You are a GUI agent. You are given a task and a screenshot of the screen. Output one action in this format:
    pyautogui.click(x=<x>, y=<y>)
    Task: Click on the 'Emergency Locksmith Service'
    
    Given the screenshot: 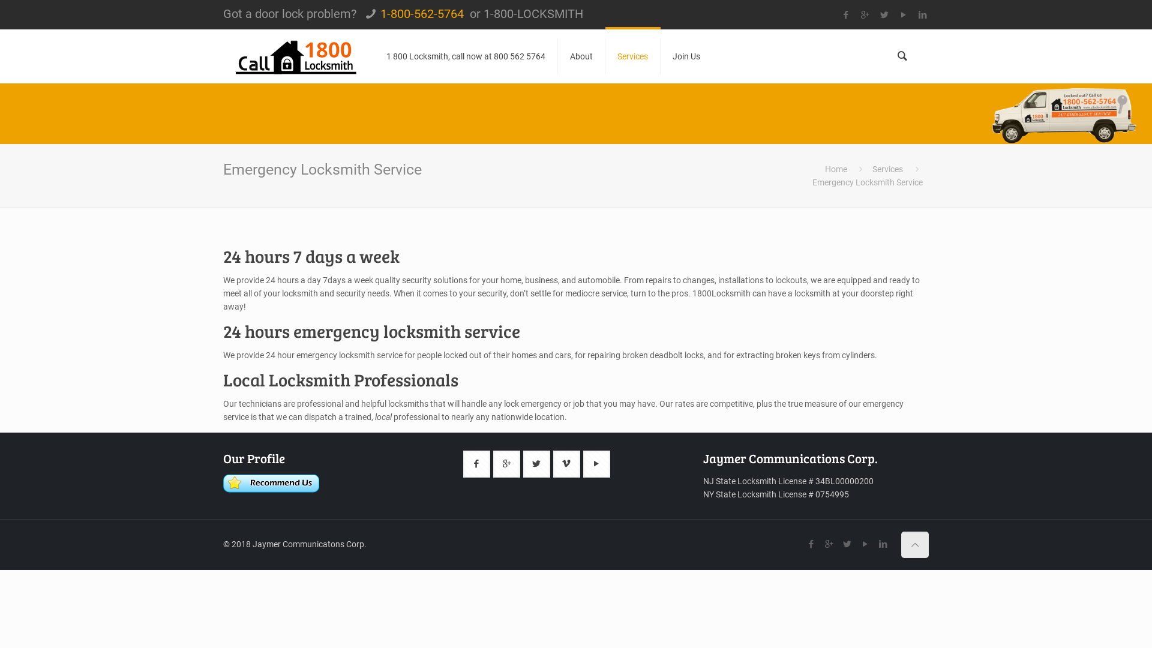 What is the action you would take?
    pyautogui.click(x=867, y=182)
    